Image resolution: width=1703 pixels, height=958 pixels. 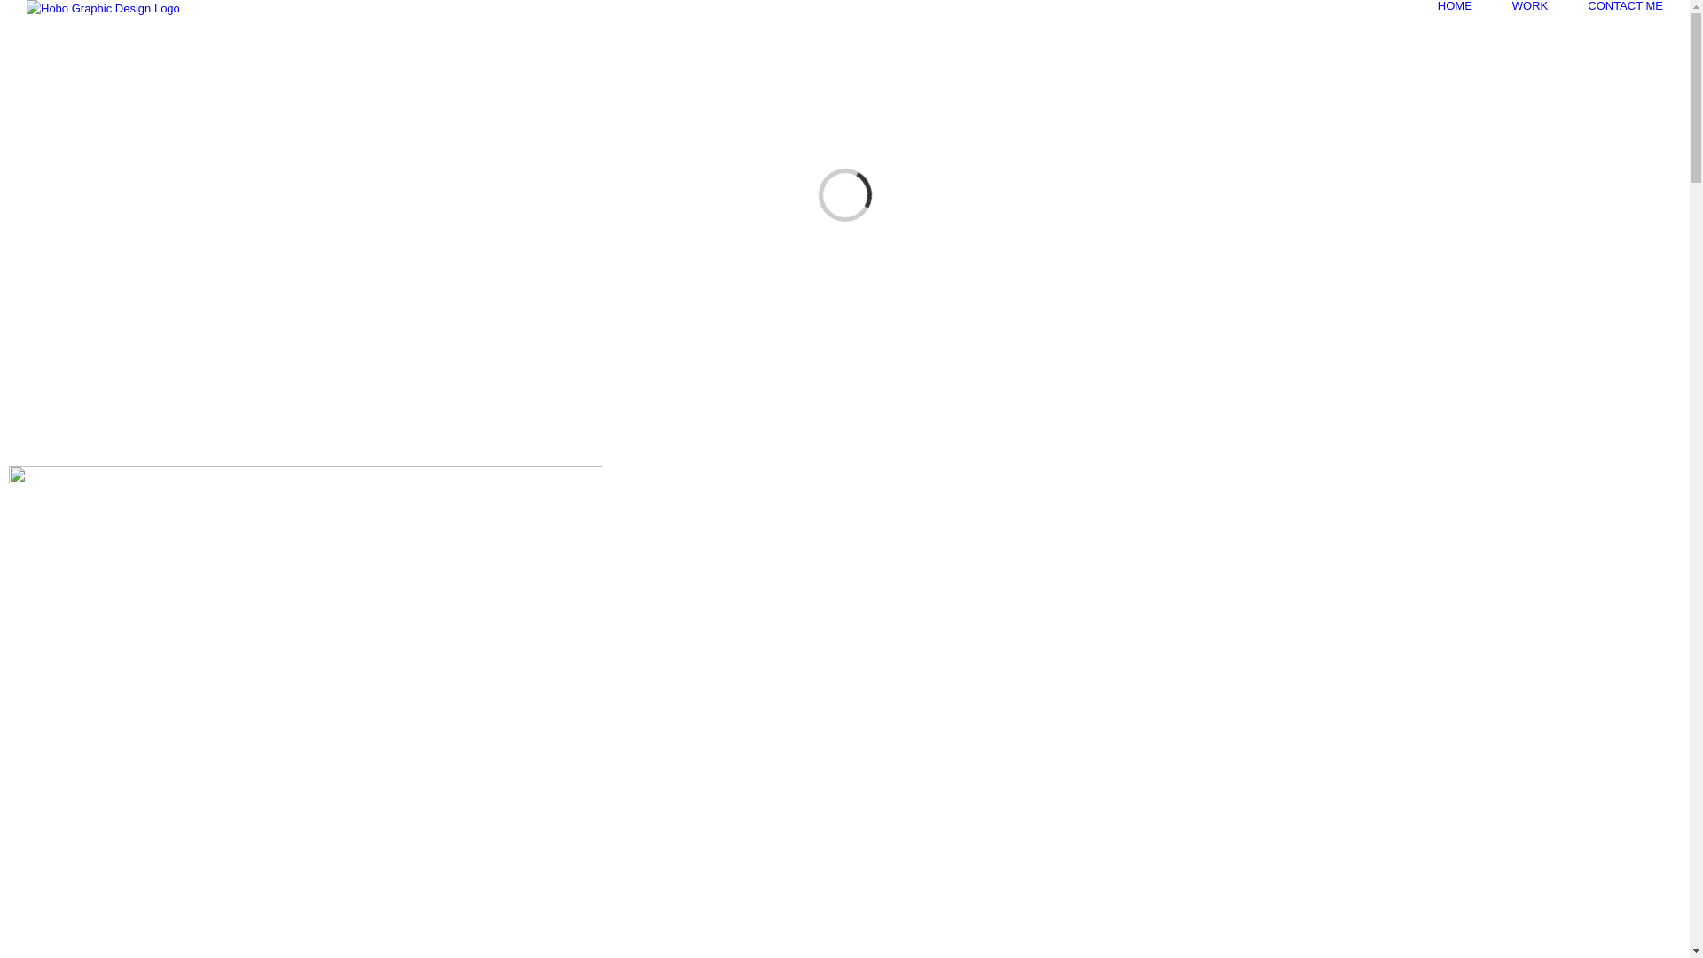 I want to click on 'CONTACT ME', so click(x=1625, y=5).